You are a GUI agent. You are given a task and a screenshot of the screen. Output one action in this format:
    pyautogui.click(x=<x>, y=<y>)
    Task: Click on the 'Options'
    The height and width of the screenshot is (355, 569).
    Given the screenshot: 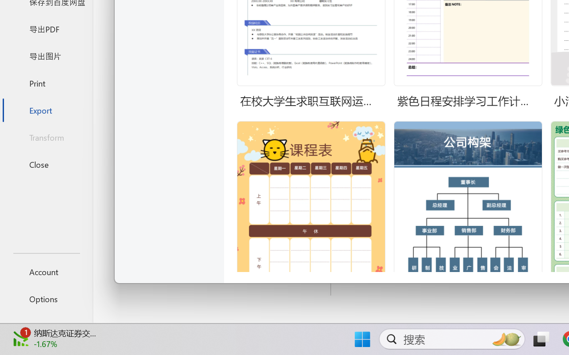 What is the action you would take?
    pyautogui.click(x=46, y=299)
    